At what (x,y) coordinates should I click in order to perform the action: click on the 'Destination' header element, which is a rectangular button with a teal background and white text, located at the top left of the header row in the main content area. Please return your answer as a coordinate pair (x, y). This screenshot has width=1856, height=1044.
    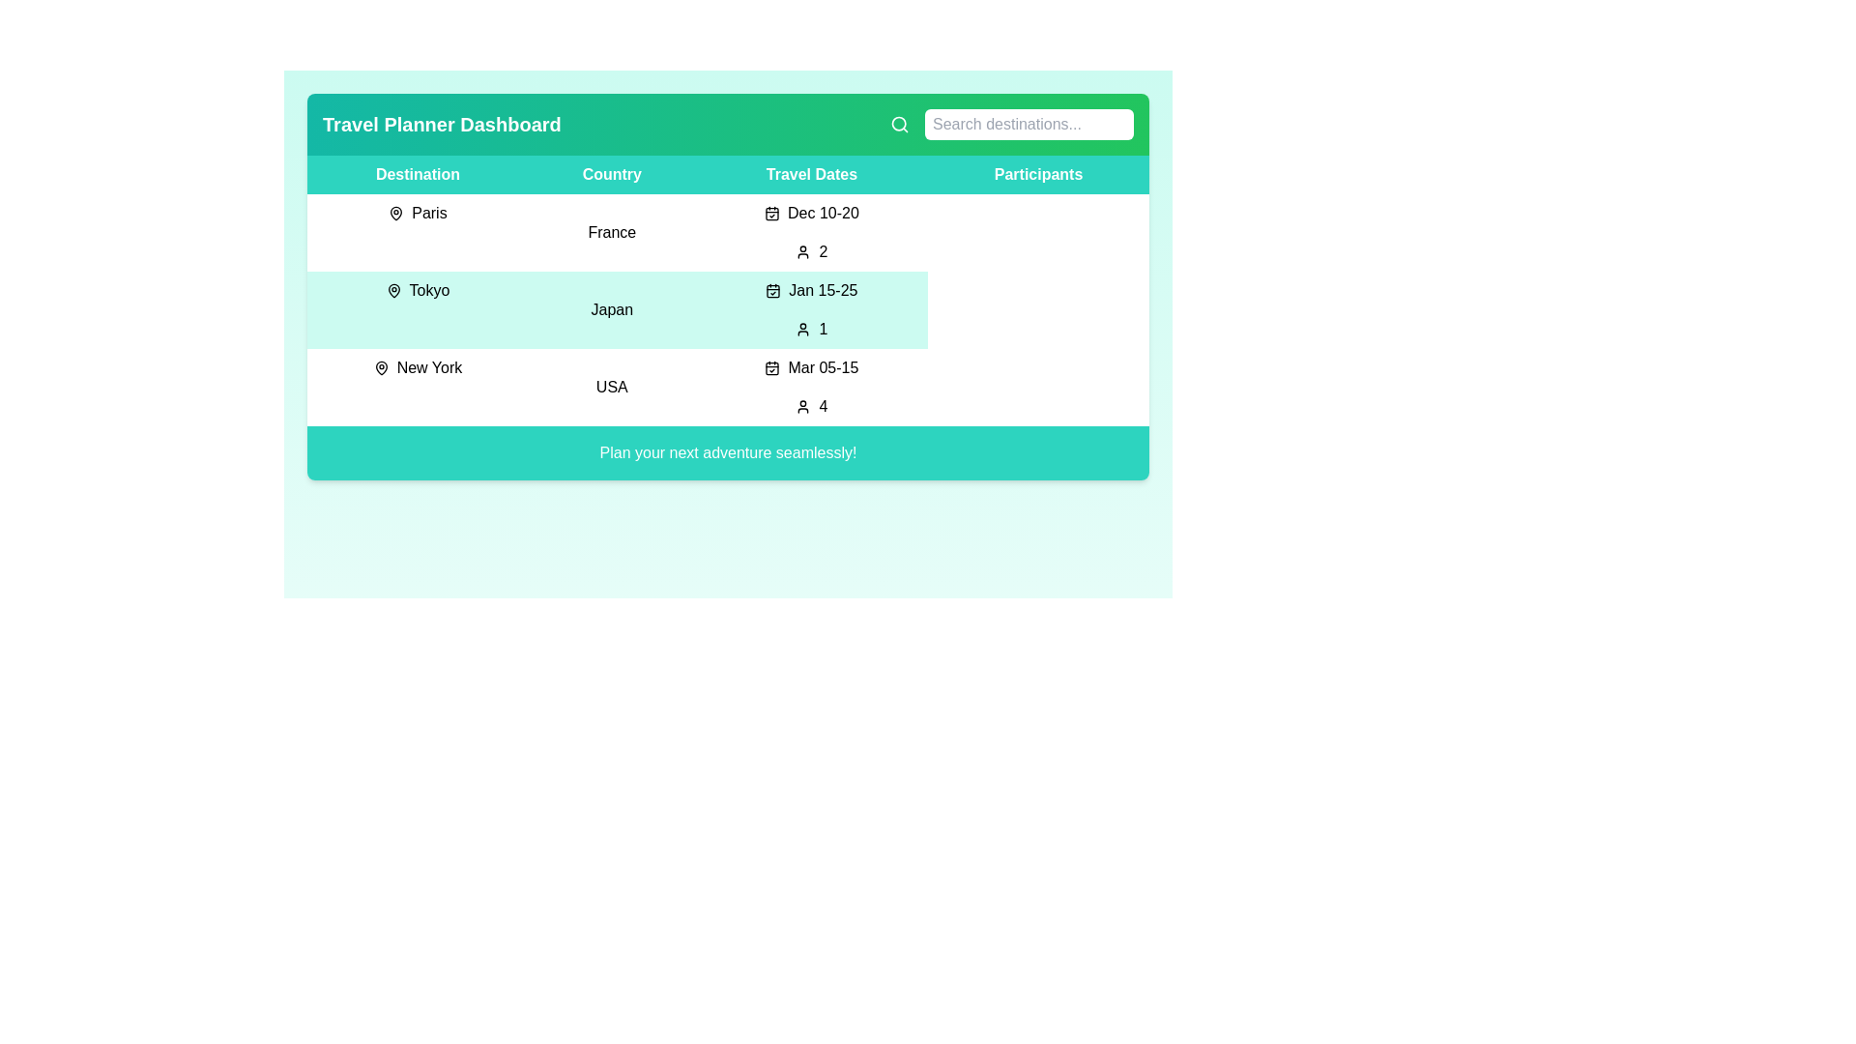
    Looking at the image, I should click on (417, 175).